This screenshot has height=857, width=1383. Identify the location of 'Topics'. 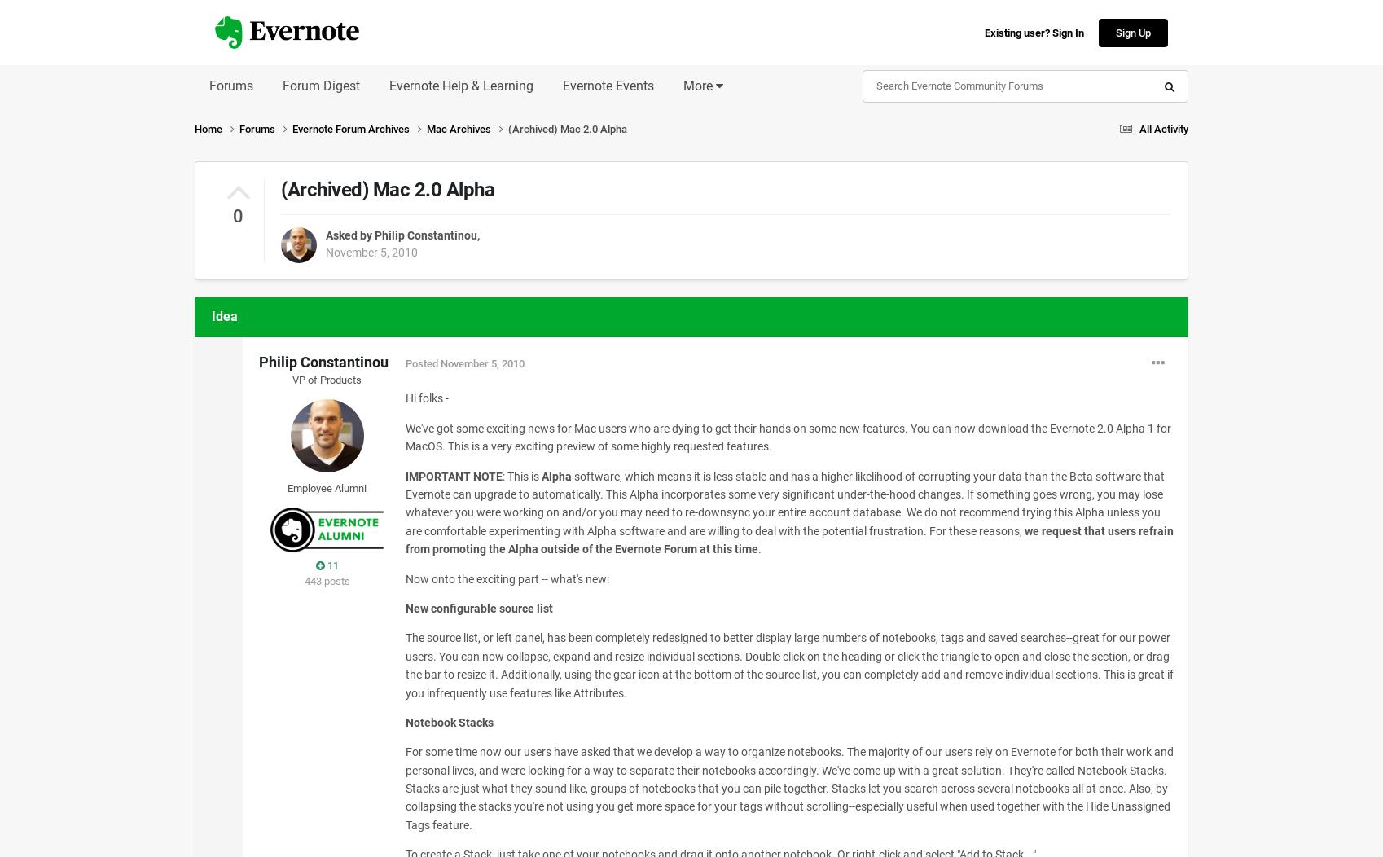
(1029, 255).